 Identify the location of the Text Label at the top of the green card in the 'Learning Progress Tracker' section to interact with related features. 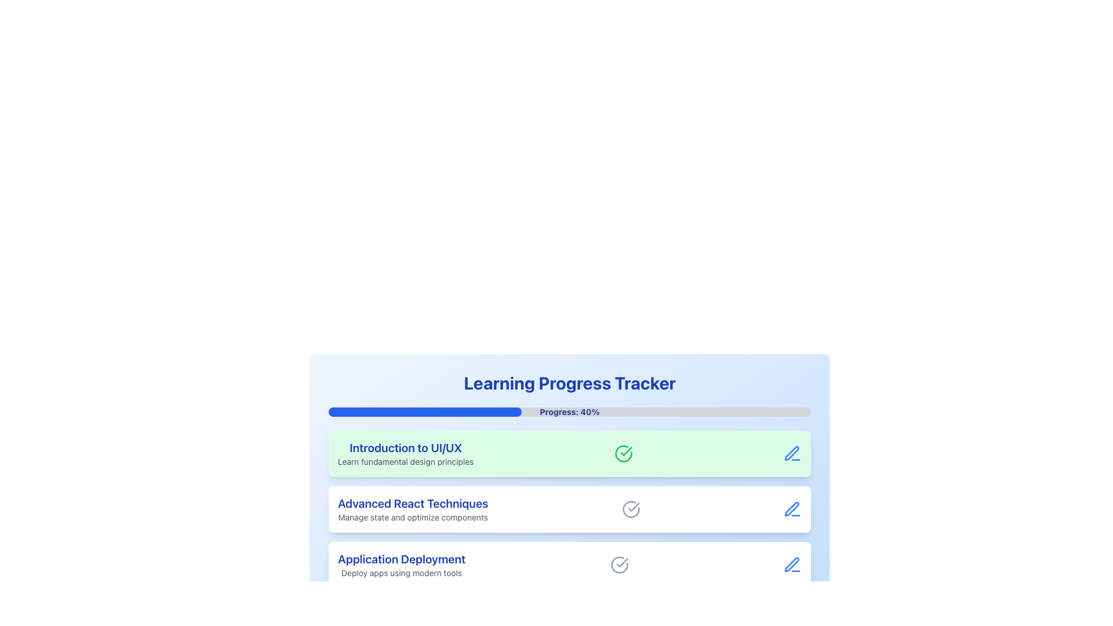
(406, 447).